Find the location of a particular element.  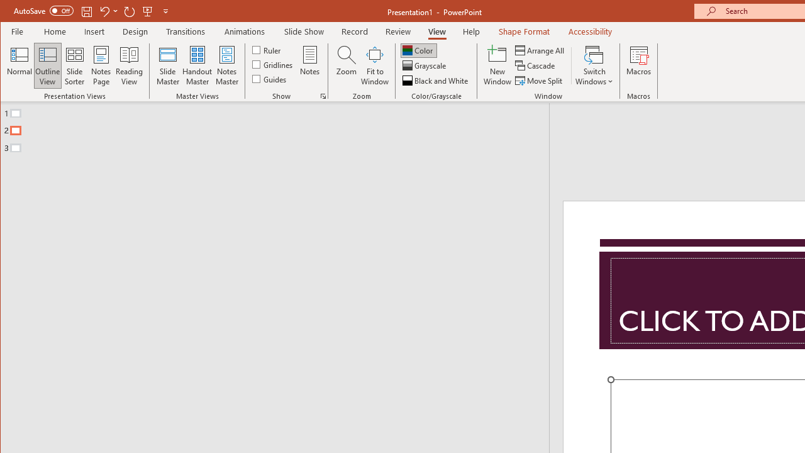

'Undo' is located at coordinates (104, 11).